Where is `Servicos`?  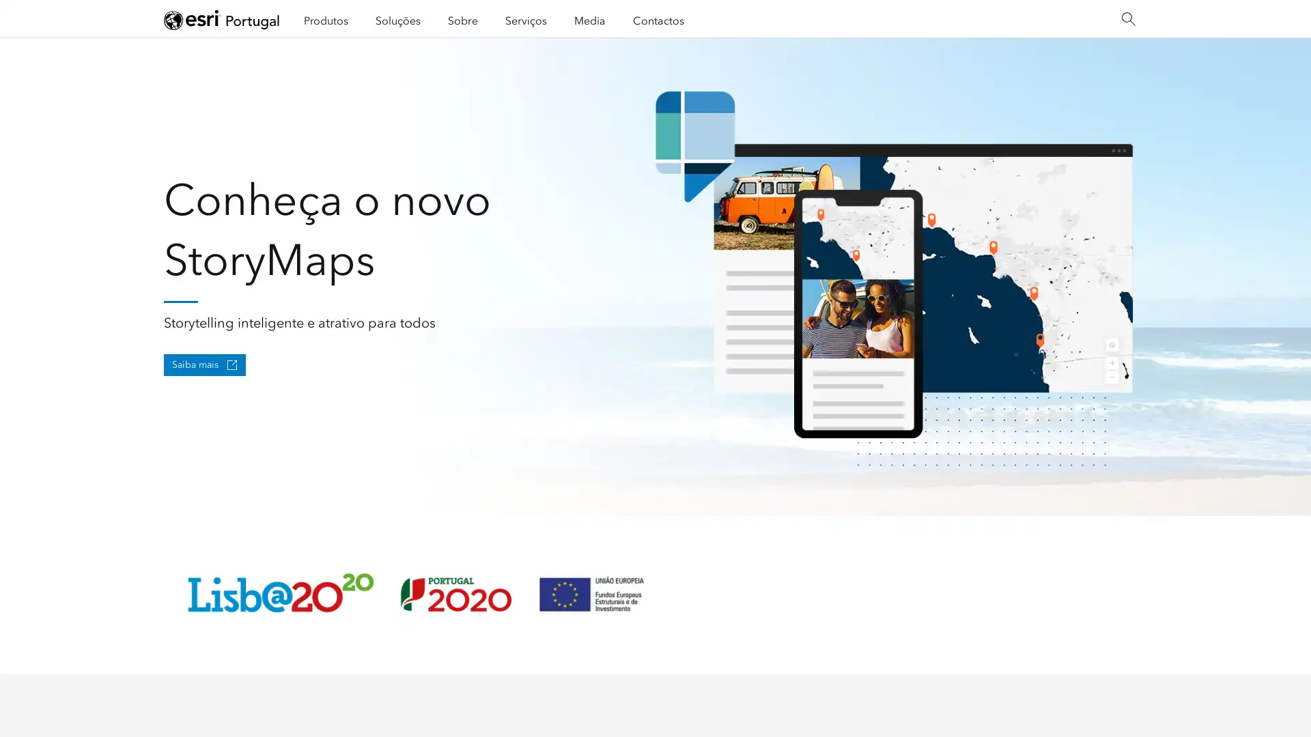 Servicos is located at coordinates (525, 18).